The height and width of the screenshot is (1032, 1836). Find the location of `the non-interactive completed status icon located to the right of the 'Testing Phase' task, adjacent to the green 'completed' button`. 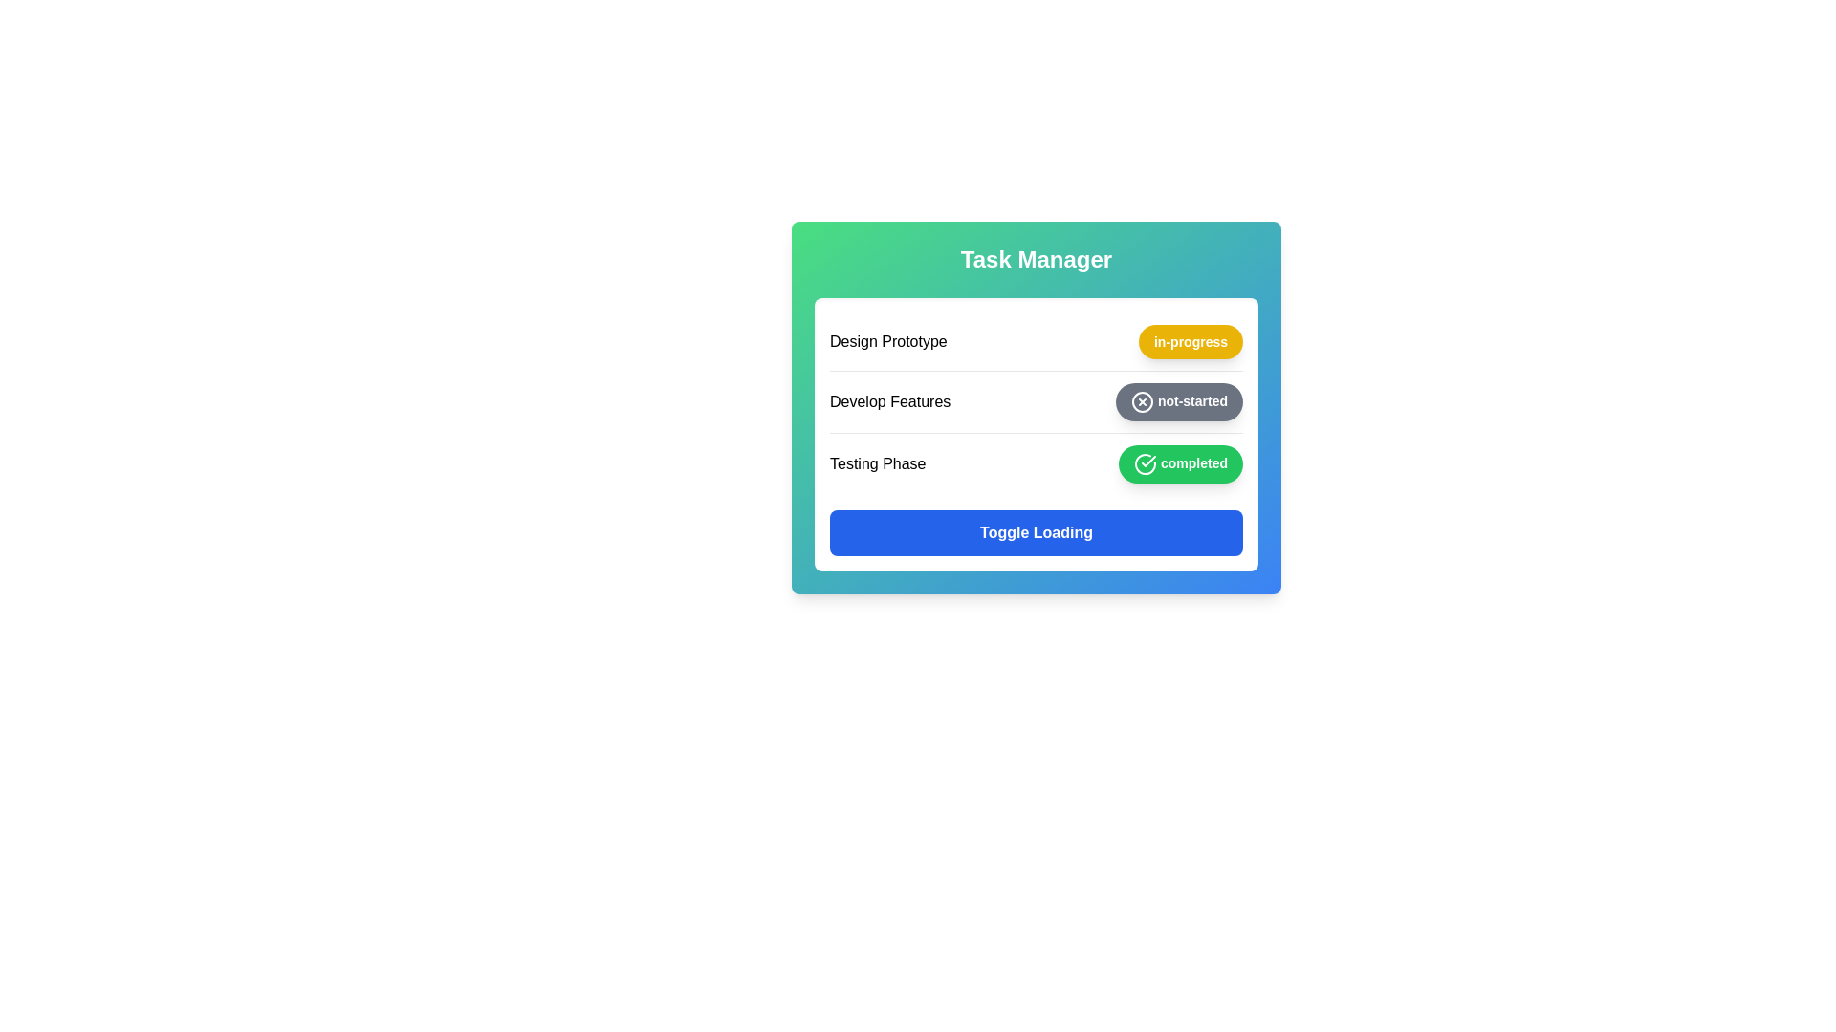

the non-interactive completed status icon located to the right of the 'Testing Phase' task, adjacent to the green 'completed' button is located at coordinates (1145, 464).